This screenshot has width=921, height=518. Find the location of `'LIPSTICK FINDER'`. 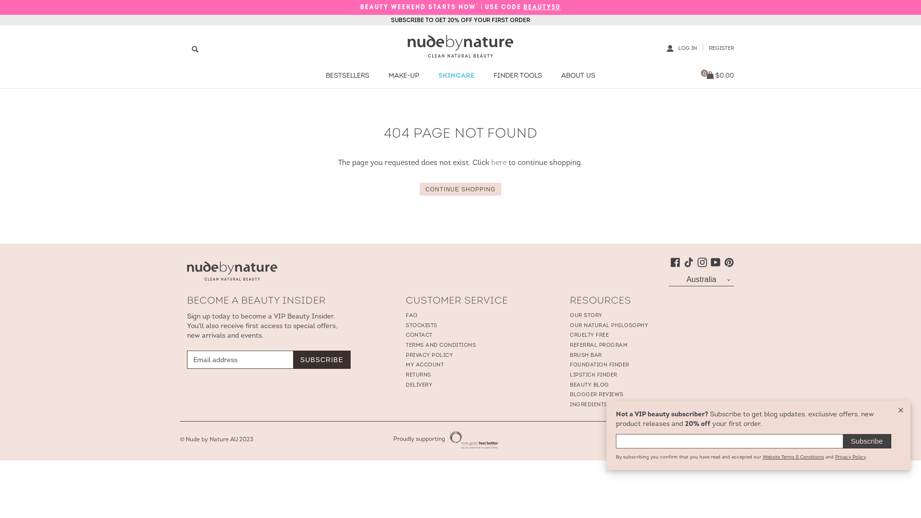

'LIPSTICK FINDER' is located at coordinates (593, 375).